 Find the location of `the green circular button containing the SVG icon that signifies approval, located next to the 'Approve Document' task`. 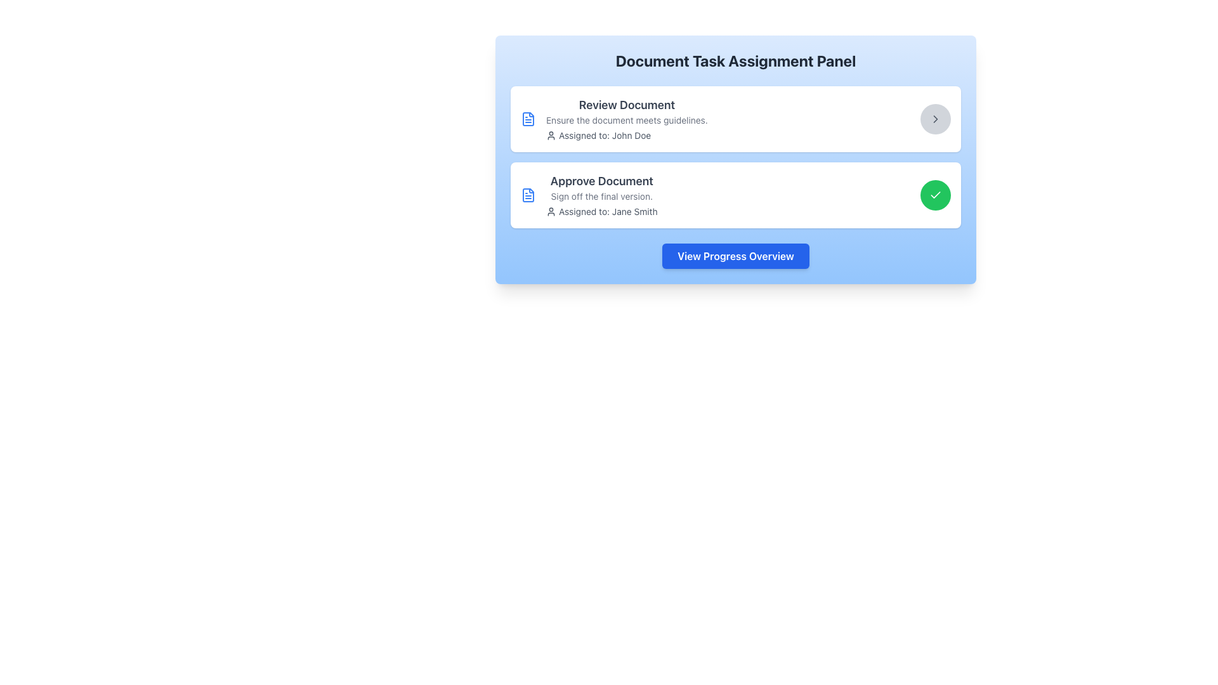

the green circular button containing the SVG icon that signifies approval, located next to the 'Approve Document' task is located at coordinates (935, 195).